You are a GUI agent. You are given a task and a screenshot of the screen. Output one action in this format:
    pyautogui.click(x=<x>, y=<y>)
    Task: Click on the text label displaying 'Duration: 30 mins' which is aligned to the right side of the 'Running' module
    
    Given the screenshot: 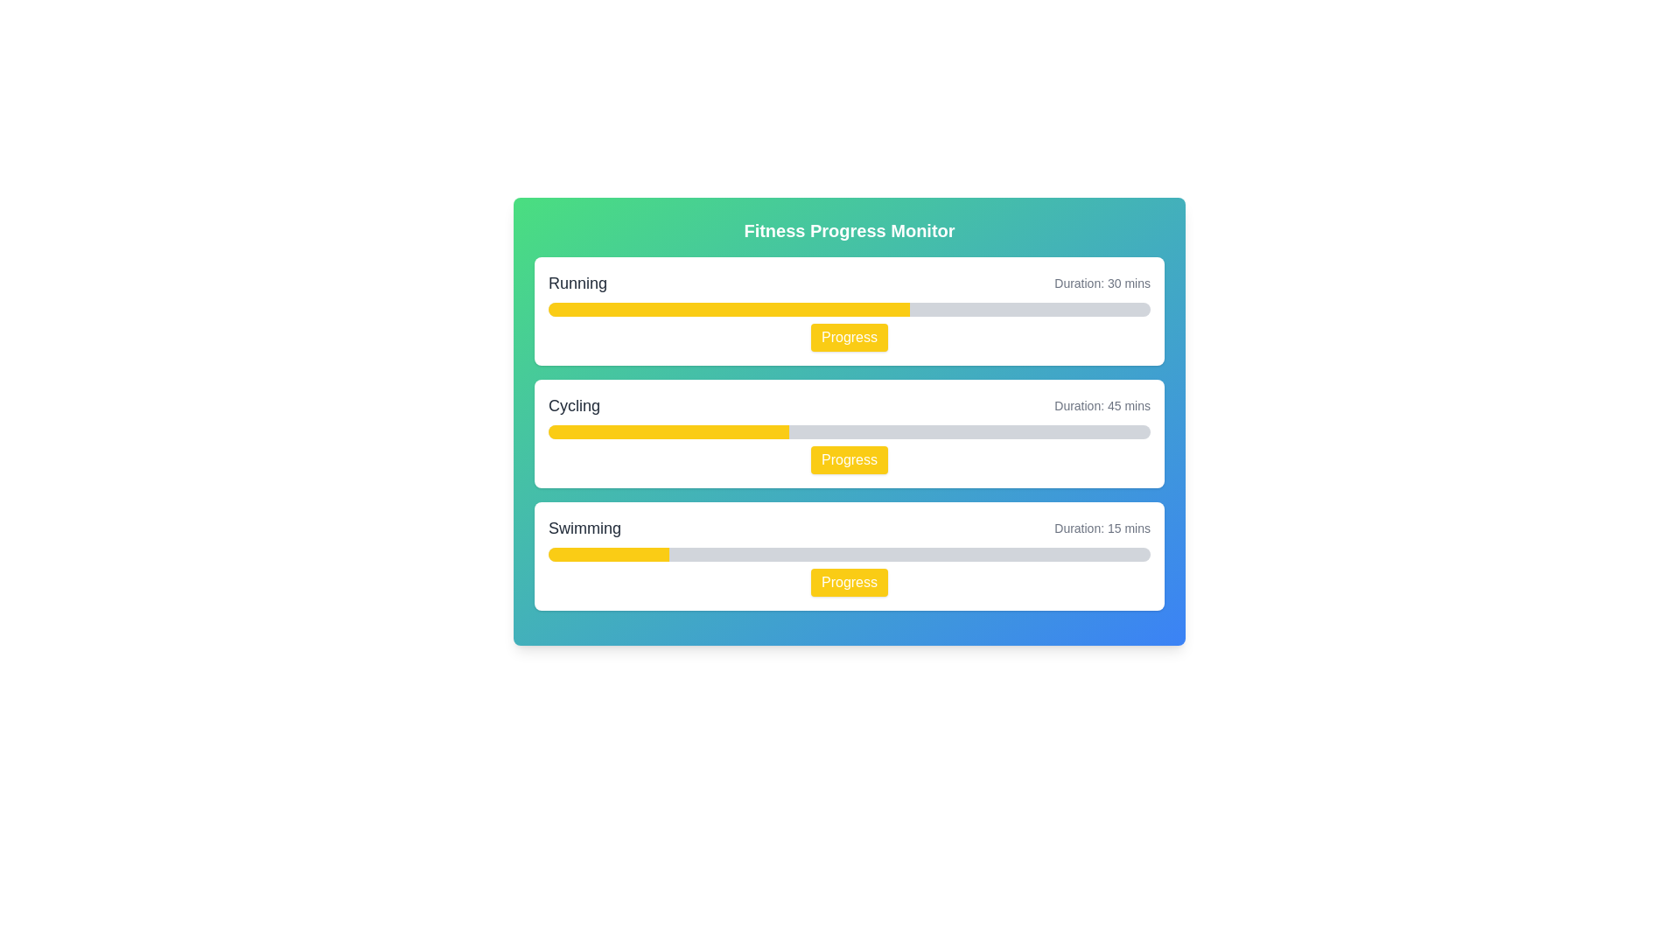 What is the action you would take?
    pyautogui.click(x=1102, y=283)
    